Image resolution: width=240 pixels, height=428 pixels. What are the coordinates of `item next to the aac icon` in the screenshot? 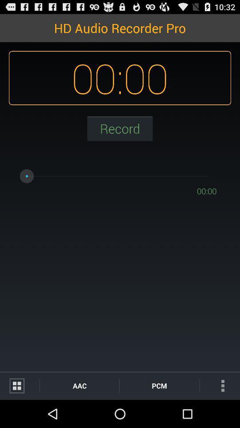 It's located at (159, 385).